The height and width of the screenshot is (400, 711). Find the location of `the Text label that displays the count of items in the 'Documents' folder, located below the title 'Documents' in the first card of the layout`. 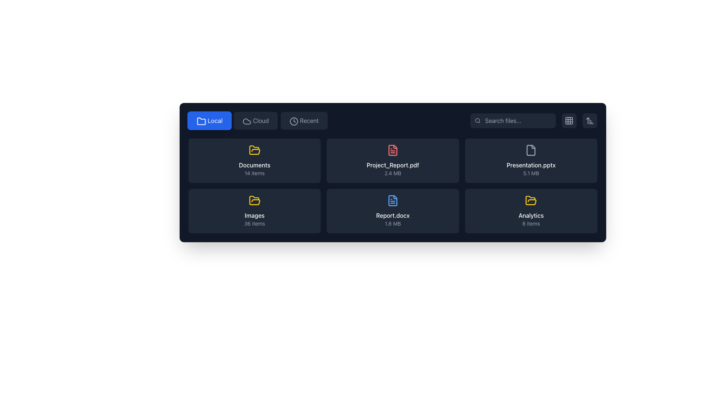

the Text label that displays the count of items in the 'Documents' folder, located below the title 'Documents' in the first card of the layout is located at coordinates (254, 173).